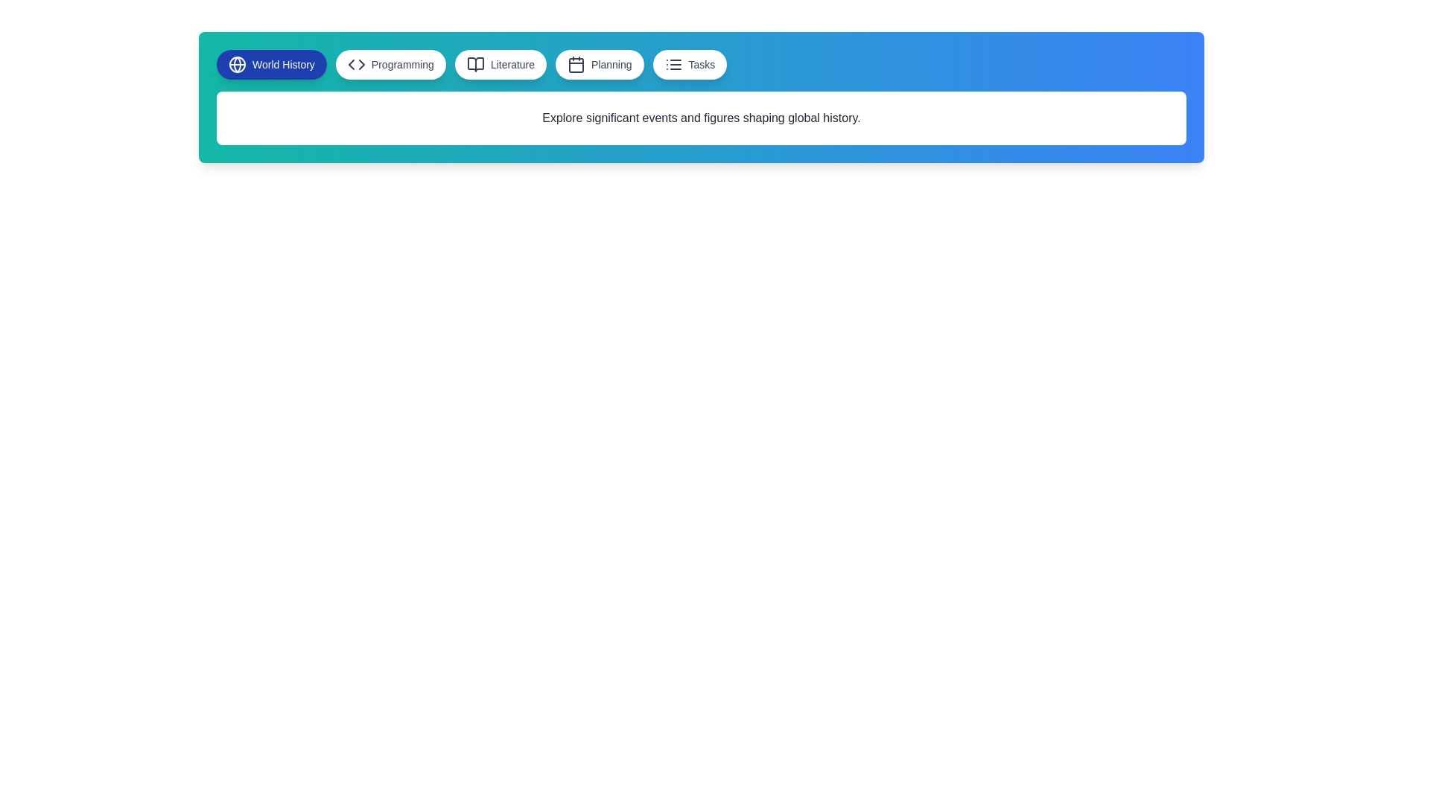 The image size is (1430, 804). Describe the element at coordinates (600, 64) in the screenshot. I see `the tab labeled Planning to view its content` at that location.